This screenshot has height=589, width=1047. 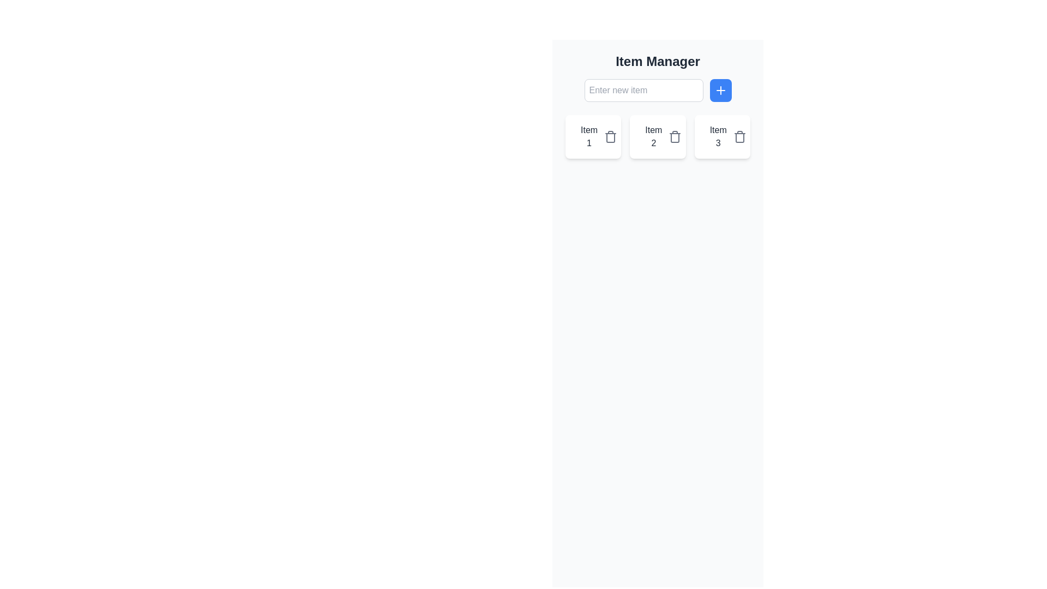 I want to click on the 'Add Item' button located in the top-right corner of the 'Item Manager' section, so click(x=720, y=89).